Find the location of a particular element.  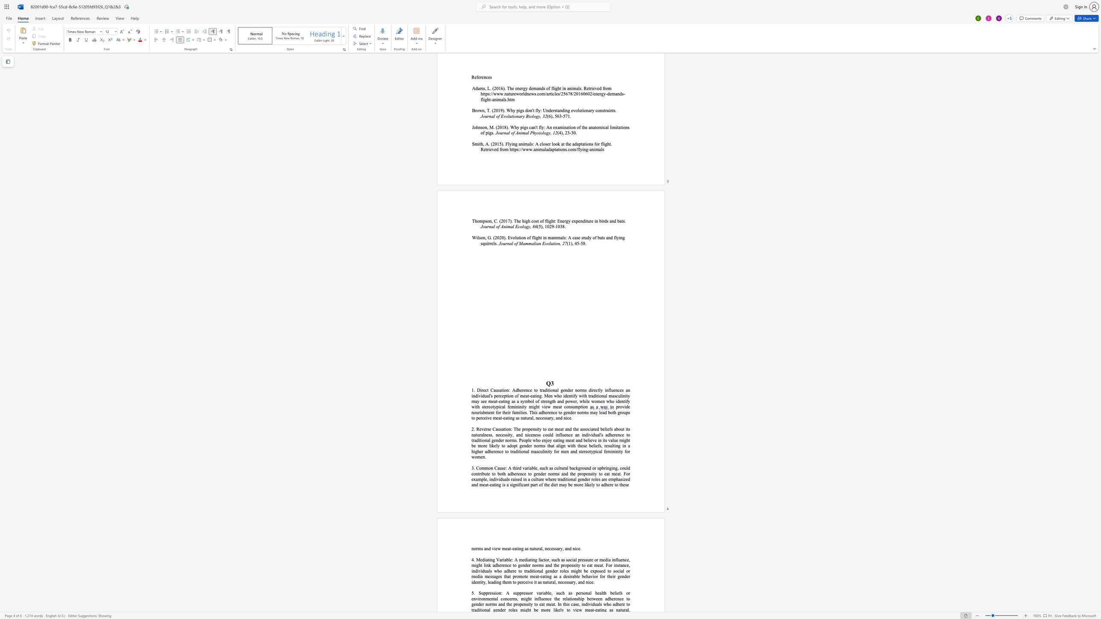

the 9th character "s" in the text is located at coordinates (491, 434).